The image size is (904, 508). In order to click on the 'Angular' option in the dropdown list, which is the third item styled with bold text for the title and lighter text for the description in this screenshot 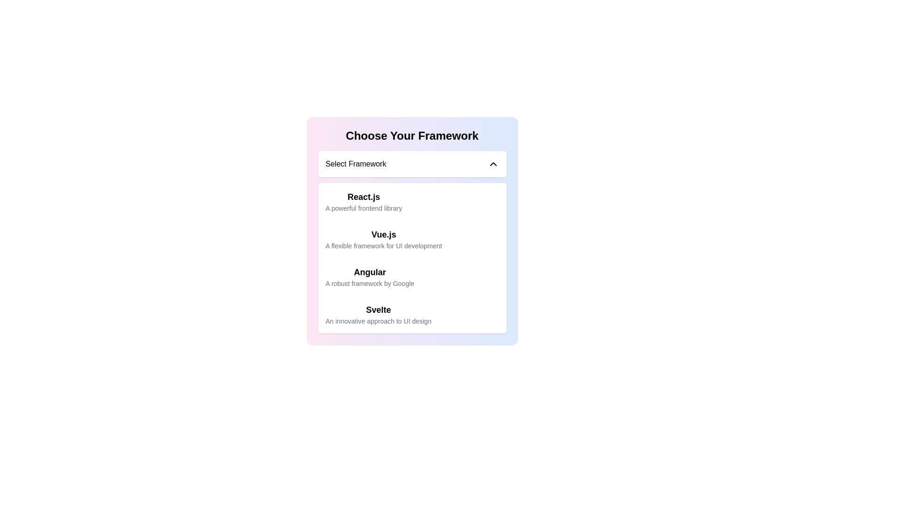, I will do `click(369, 277)`.